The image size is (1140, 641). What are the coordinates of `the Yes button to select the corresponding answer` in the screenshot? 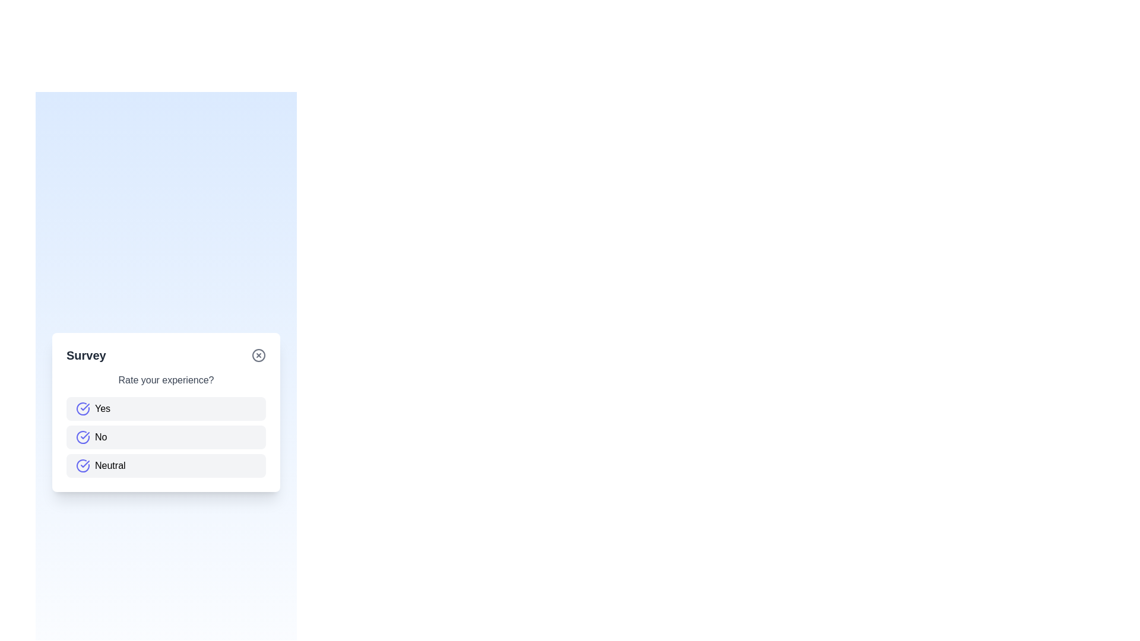 It's located at (165, 408).